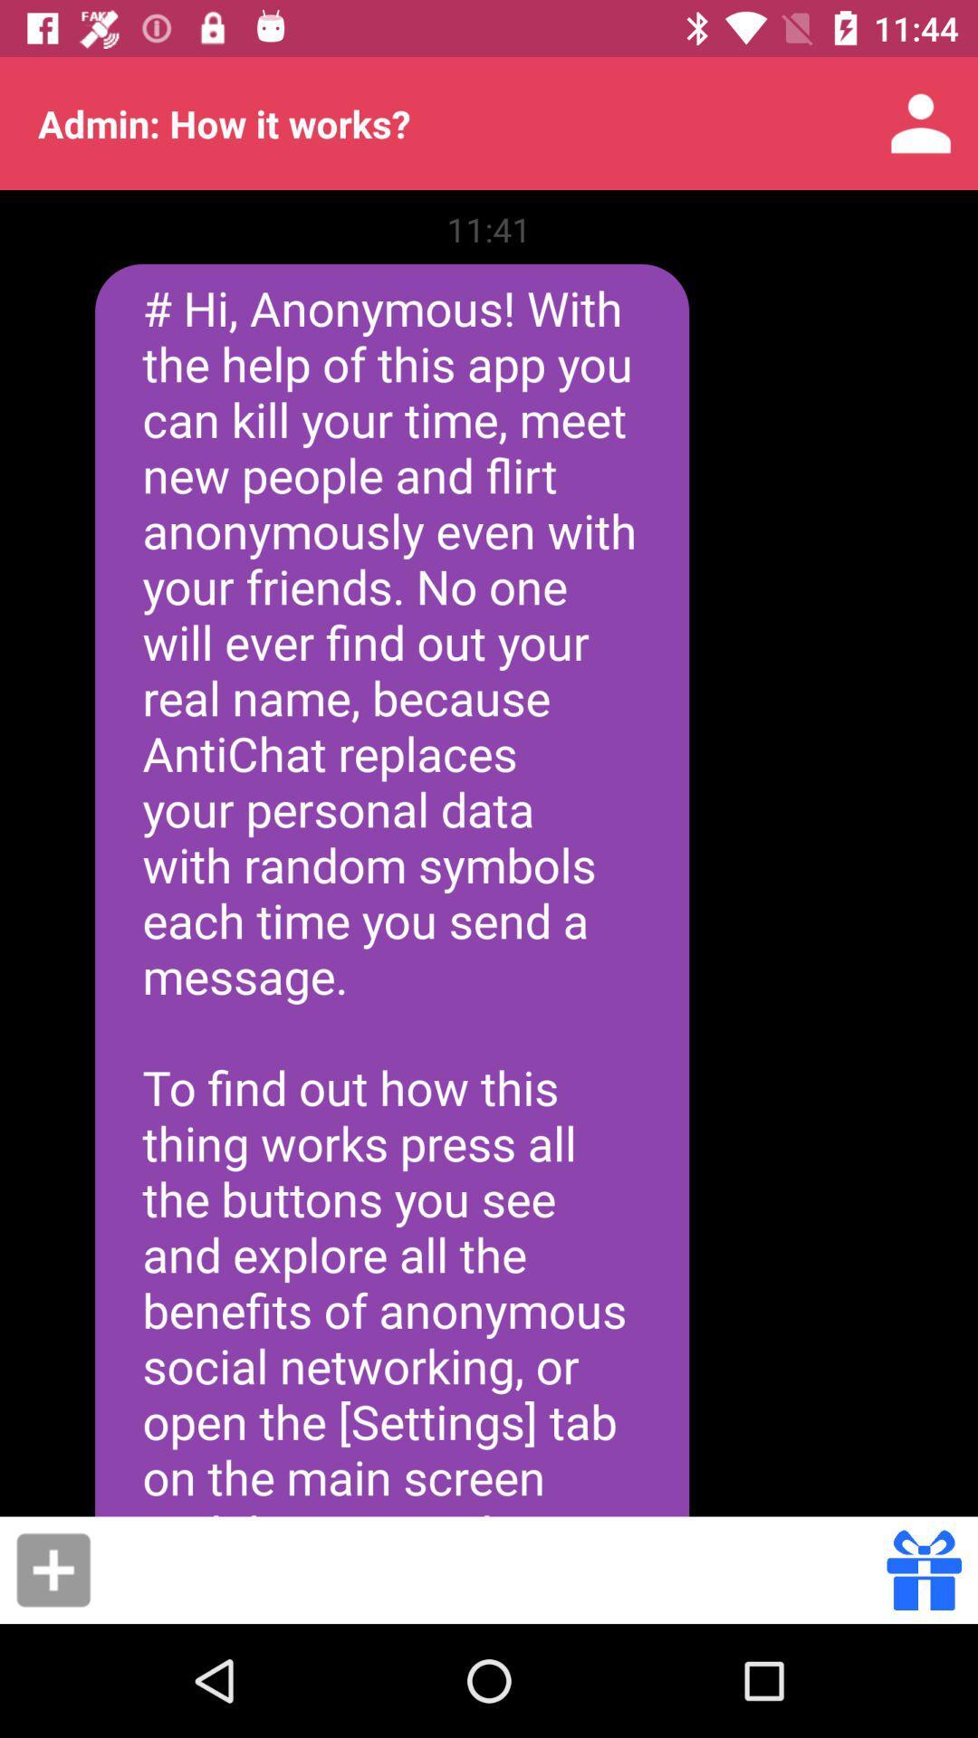 The image size is (978, 1738). I want to click on the item at the top right corner, so click(921, 122).